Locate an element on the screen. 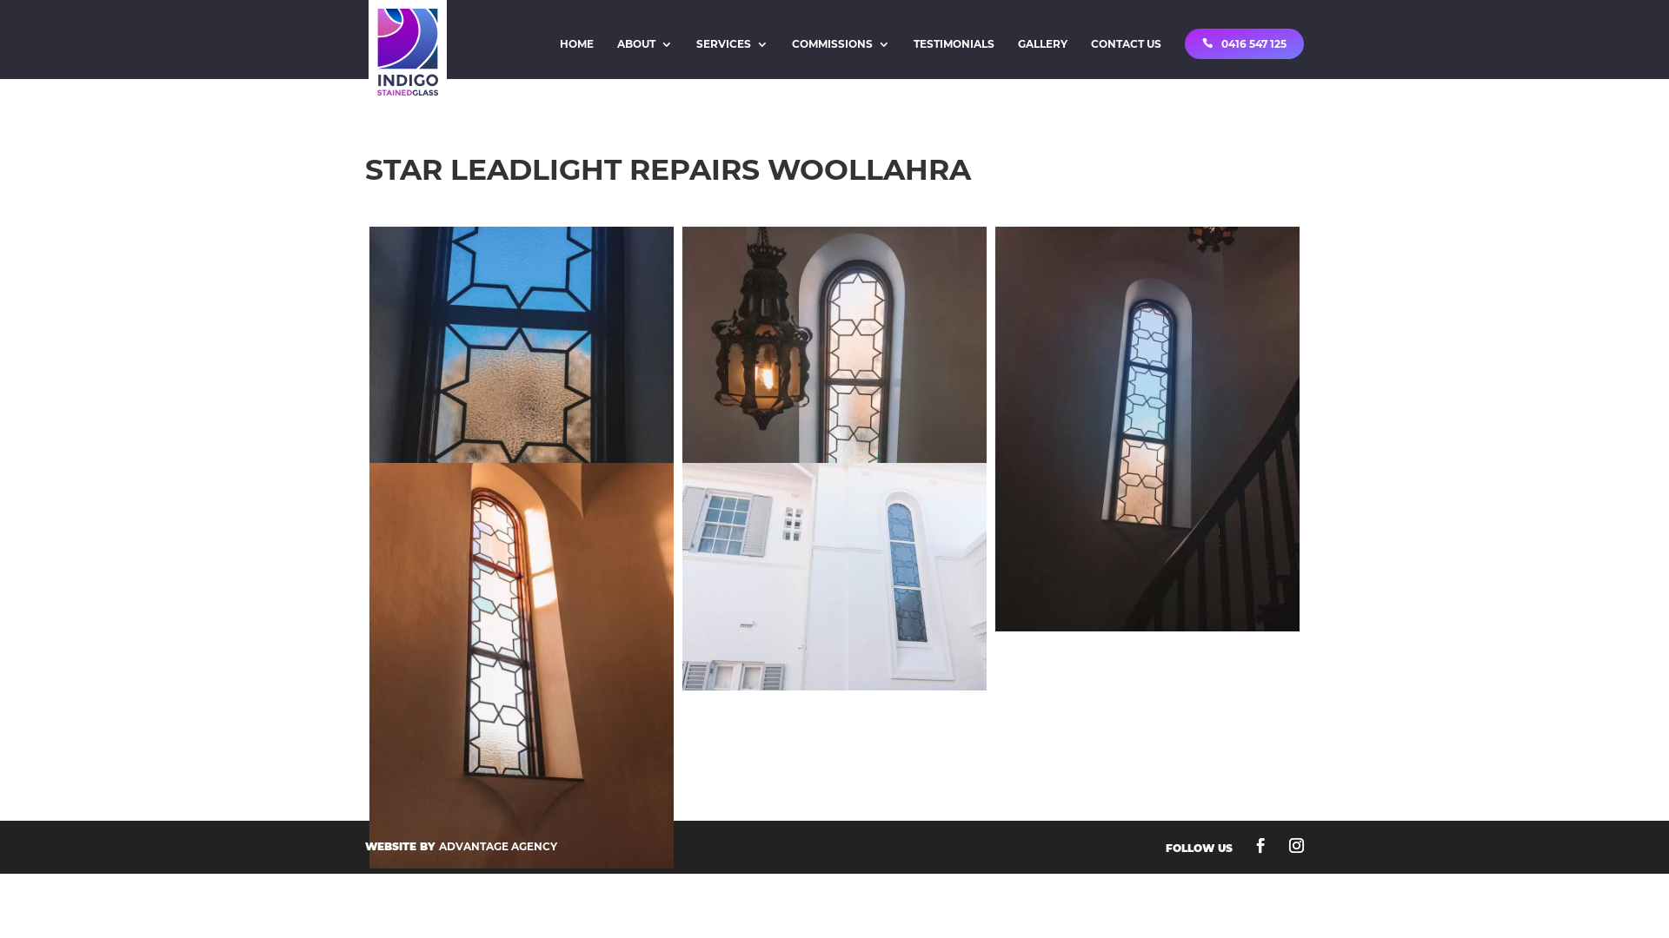 This screenshot has height=938, width=1669. '0416 547 125' is located at coordinates (1243, 43).